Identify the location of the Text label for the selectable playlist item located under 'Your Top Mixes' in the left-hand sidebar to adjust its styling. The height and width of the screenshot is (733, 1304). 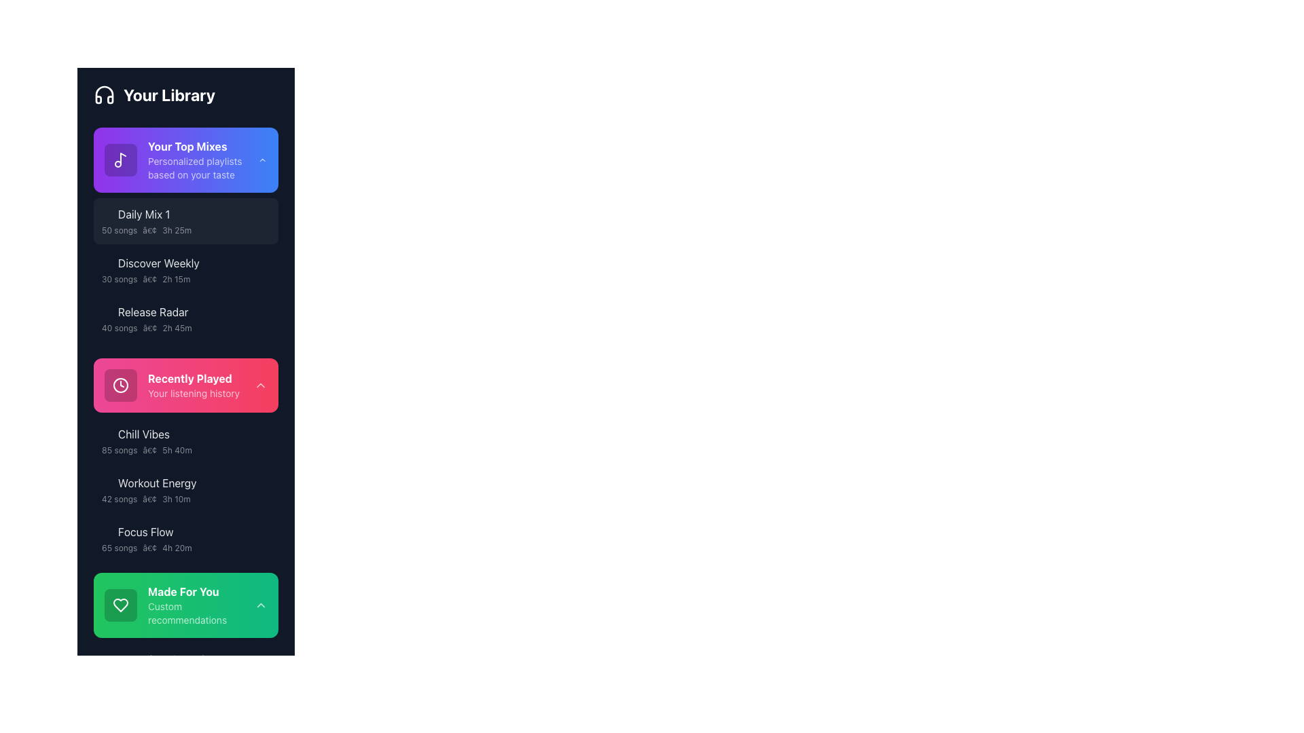
(144, 214).